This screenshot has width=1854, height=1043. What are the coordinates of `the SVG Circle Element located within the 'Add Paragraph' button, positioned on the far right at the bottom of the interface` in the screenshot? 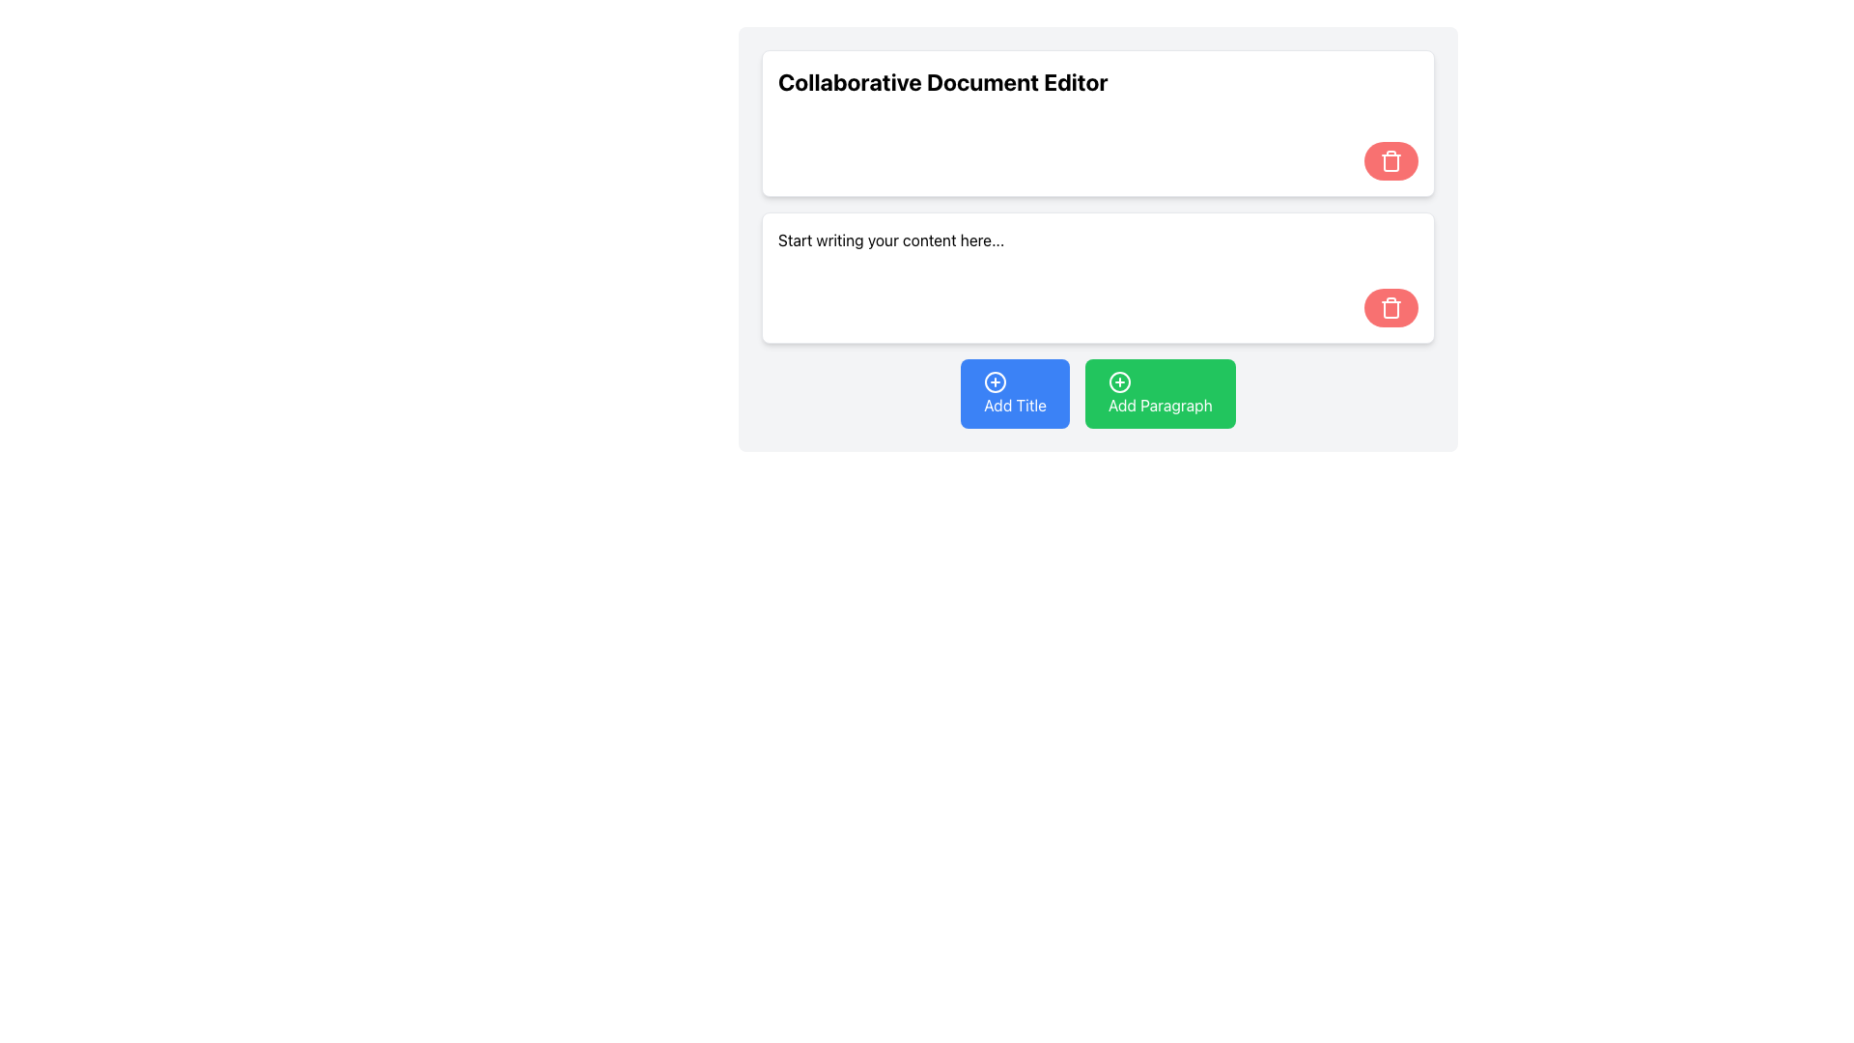 It's located at (1119, 382).